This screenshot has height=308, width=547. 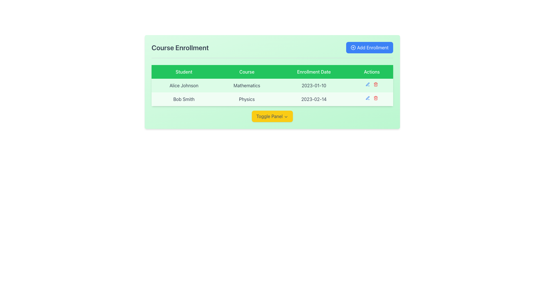 I want to click on the SVG circle element that symbolizes adding or creating, which is part of the 'Add Enrollment' button located at the top-right corner of the UI component, so click(x=353, y=47).